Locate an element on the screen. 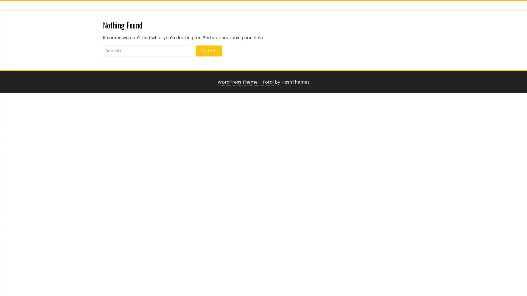 This screenshot has width=527, height=296. Search is located at coordinates (209, 51).